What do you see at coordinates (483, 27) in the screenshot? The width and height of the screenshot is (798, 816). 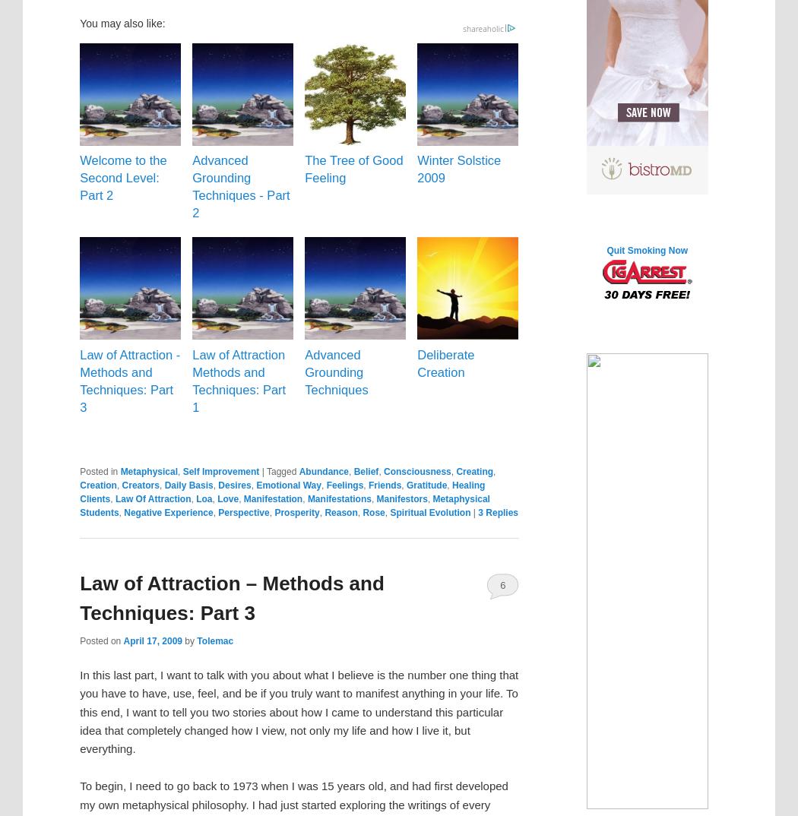 I see `'shareaholic'` at bounding box center [483, 27].